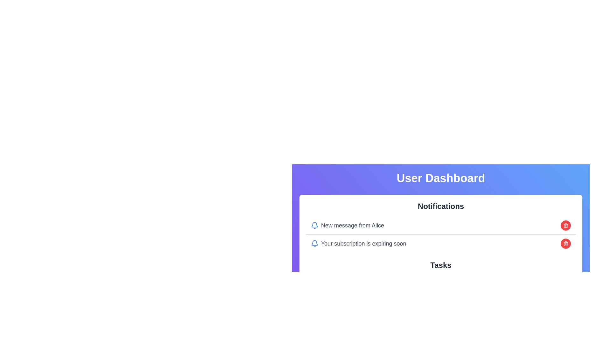 This screenshot has width=611, height=344. I want to click on the subscription expiration alert text label located in the notifications section, positioned below the message notification from Alice and next to the bell icon, so click(363, 243).